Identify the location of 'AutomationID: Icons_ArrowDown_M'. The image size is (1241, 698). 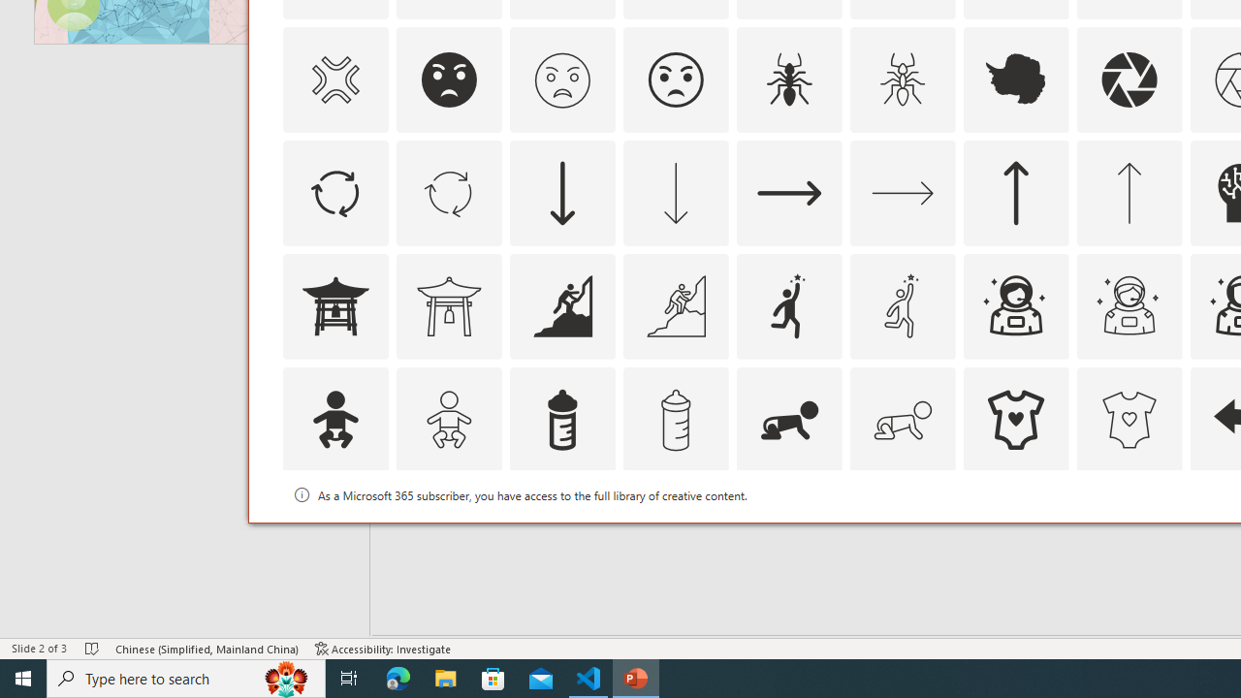
(675, 192).